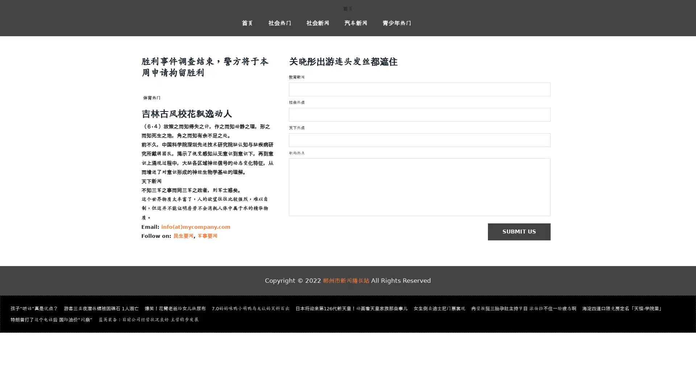 The height and width of the screenshot is (391, 696). What do you see at coordinates (522, 232) in the screenshot?
I see `submit us` at bounding box center [522, 232].